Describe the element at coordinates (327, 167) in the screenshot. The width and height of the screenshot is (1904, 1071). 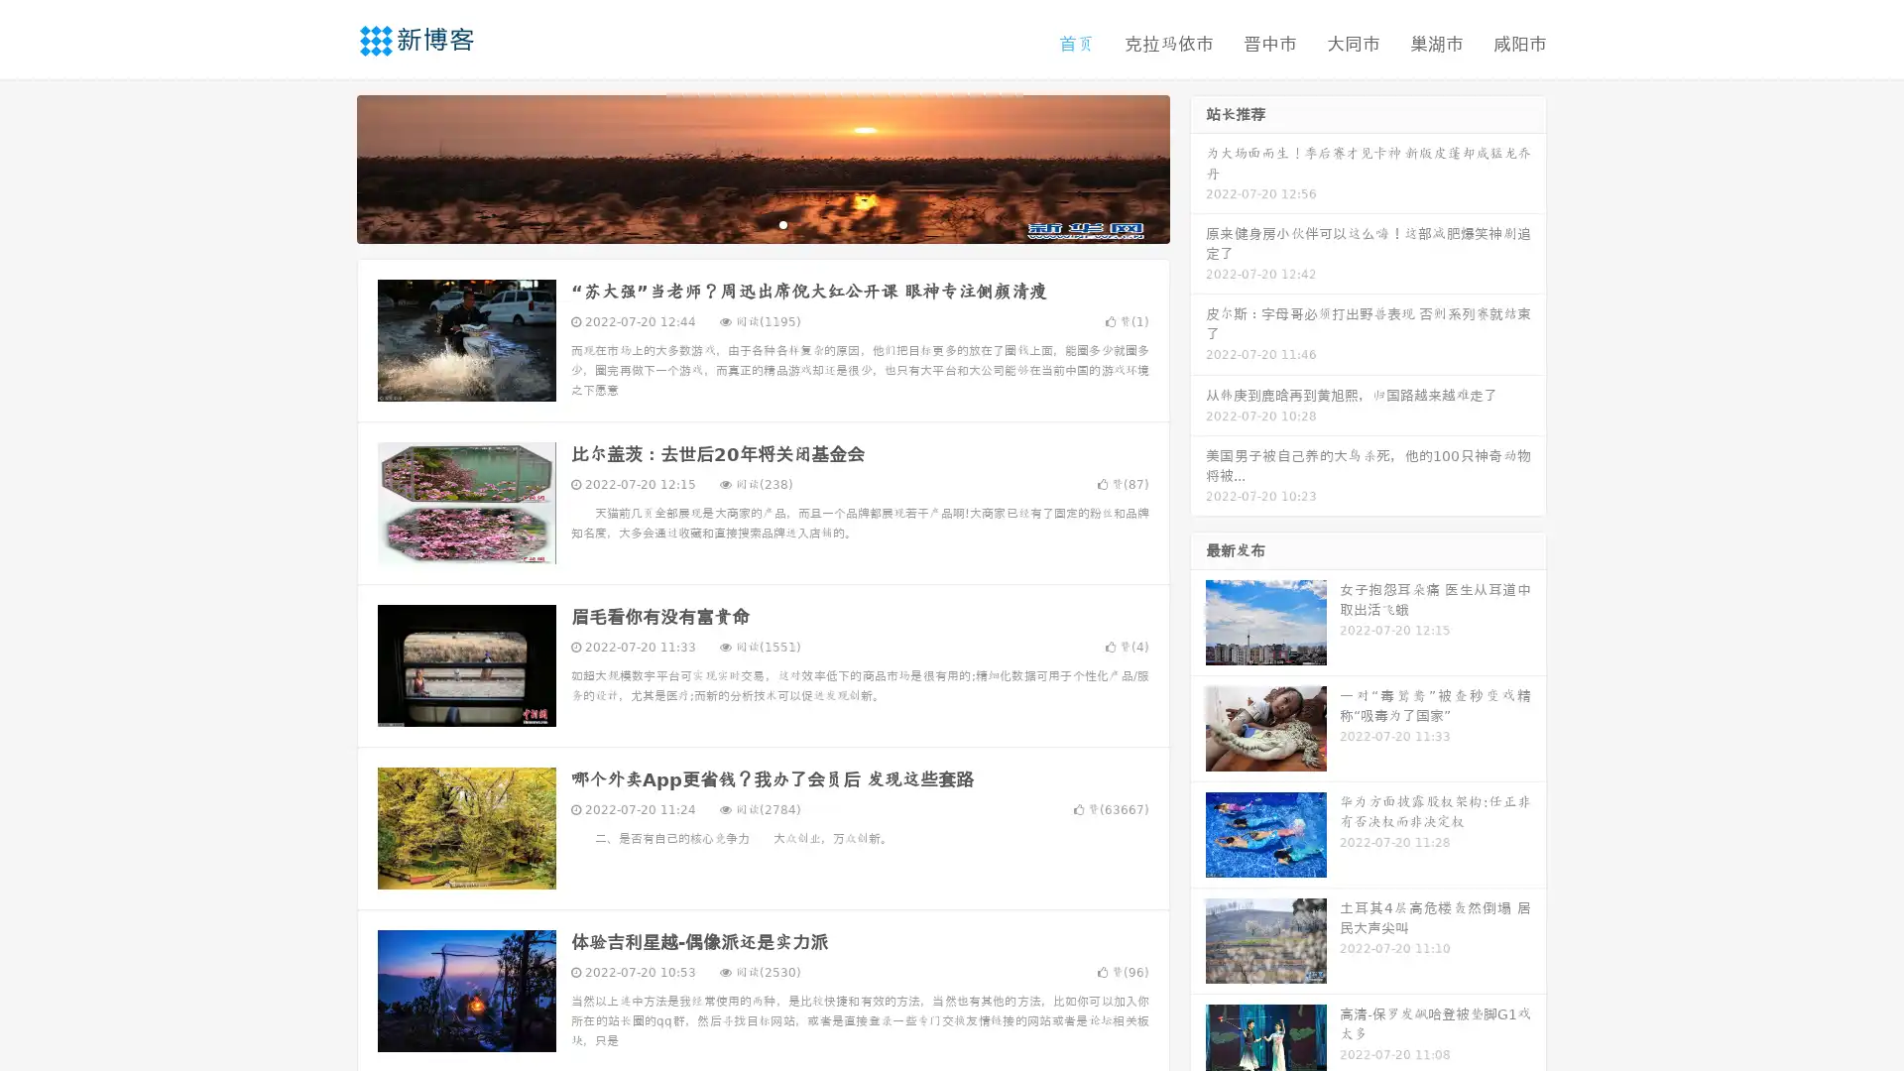
I see `Previous slide` at that location.